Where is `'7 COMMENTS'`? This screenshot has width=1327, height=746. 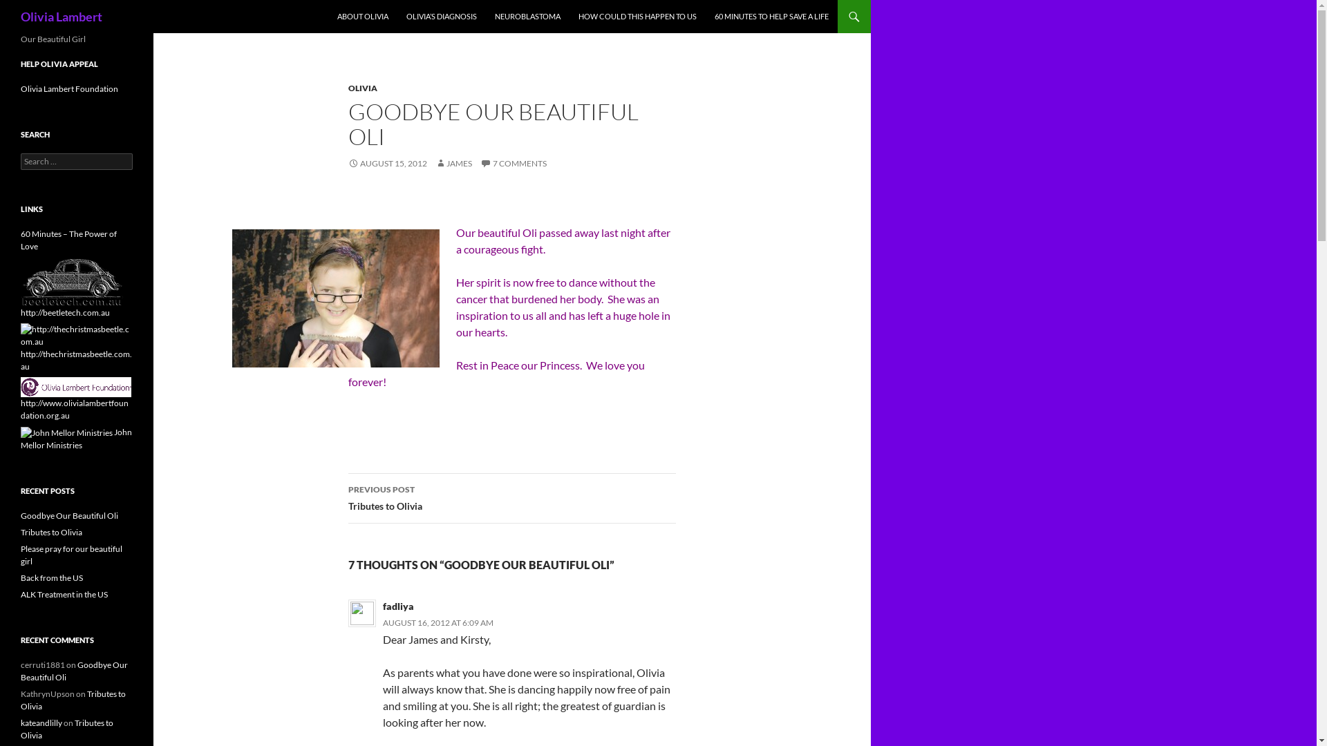
'7 COMMENTS' is located at coordinates (513, 162).